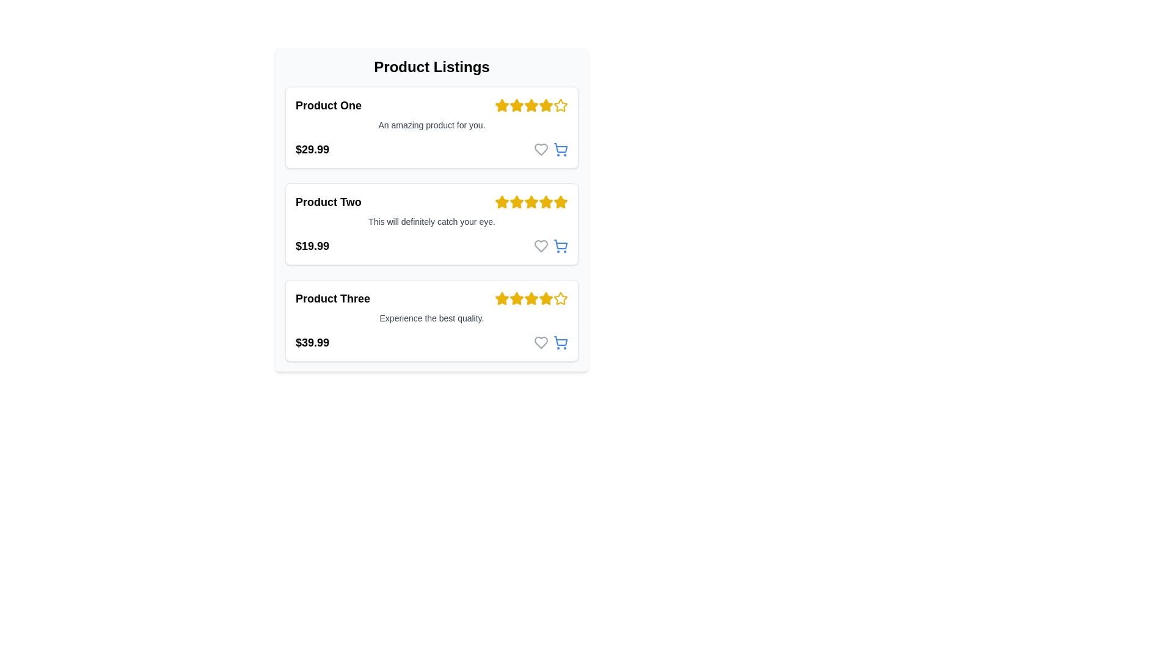 The image size is (1173, 660). I want to click on price displayed in bold text as '$29.99' located in the first product listing below the title 'Product One', so click(312, 149).